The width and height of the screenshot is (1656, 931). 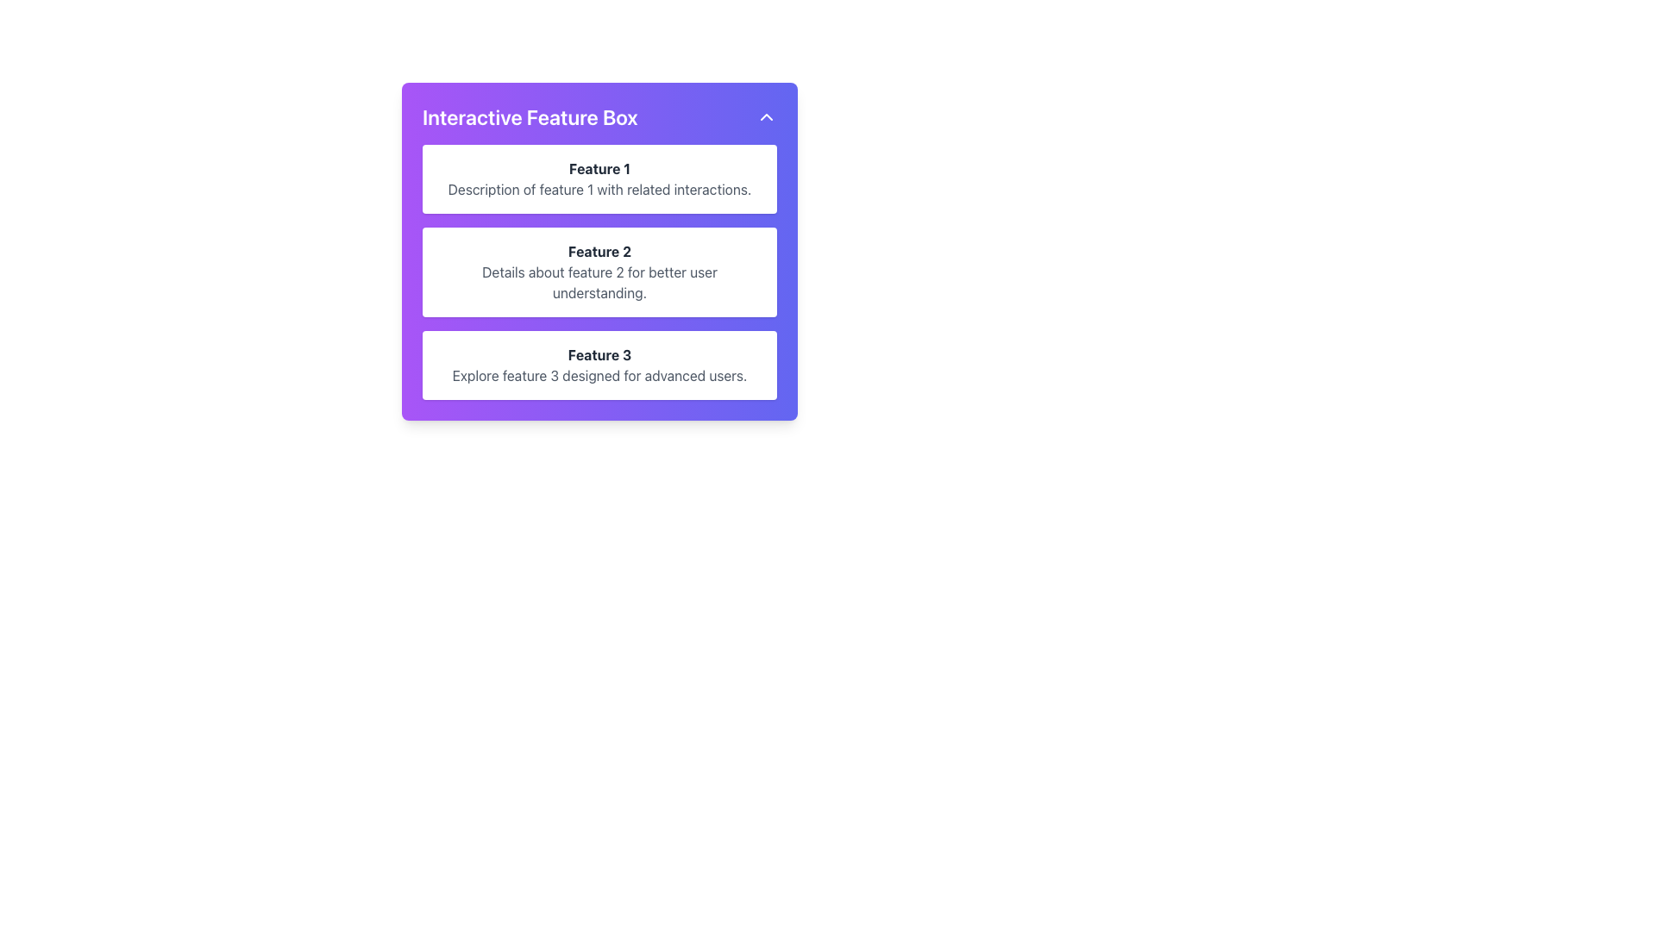 What do you see at coordinates (599, 169) in the screenshot?
I see `the bold text label displaying 'Feature 1' in dark gray, located at the top of a white rectangular area with rounded corners and a shadowed background` at bounding box center [599, 169].